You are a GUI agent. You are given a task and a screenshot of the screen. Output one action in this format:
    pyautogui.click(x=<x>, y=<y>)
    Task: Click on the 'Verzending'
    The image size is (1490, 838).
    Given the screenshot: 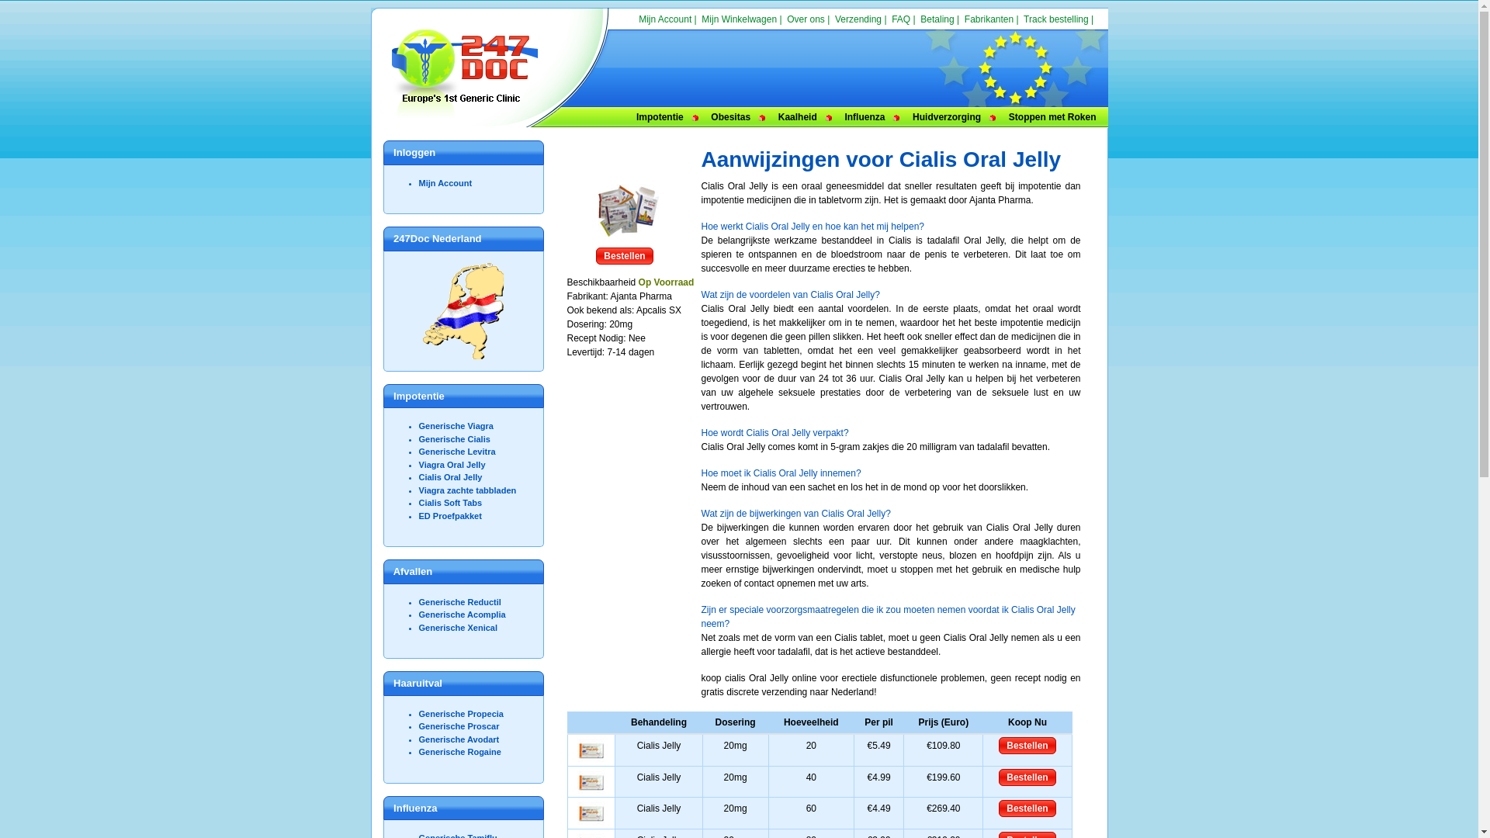 What is the action you would take?
    pyautogui.click(x=857, y=19)
    